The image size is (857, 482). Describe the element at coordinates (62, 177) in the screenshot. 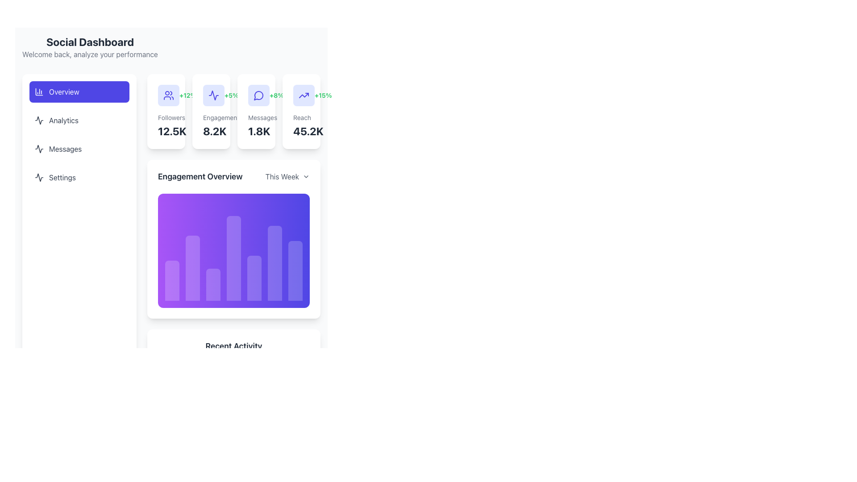

I see `the fourth text label in the side navigation menu that activates the settings page` at that location.